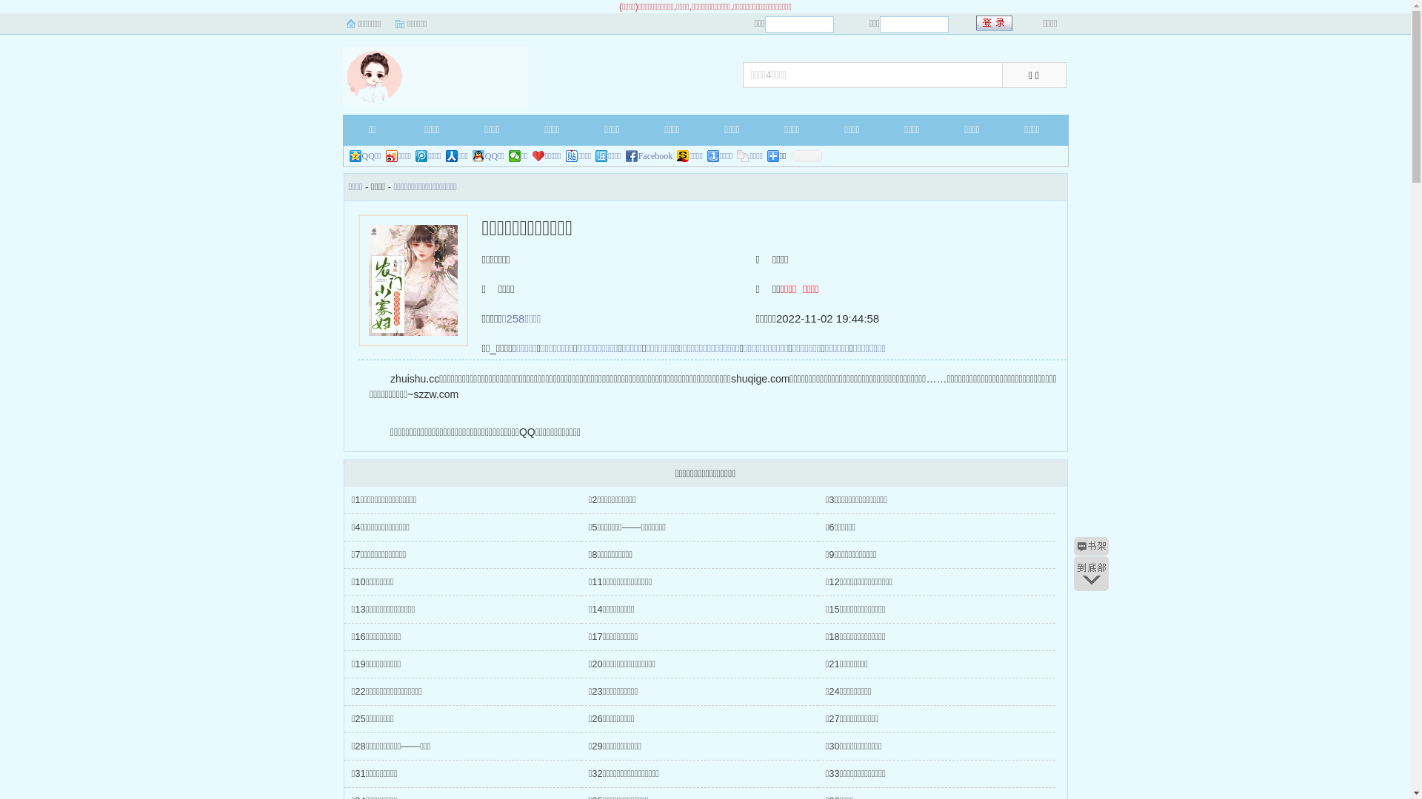 The image size is (1422, 799). Describe the element at coordinates (650, 156) in the screenshot. I see `'Facebook'` at that location.